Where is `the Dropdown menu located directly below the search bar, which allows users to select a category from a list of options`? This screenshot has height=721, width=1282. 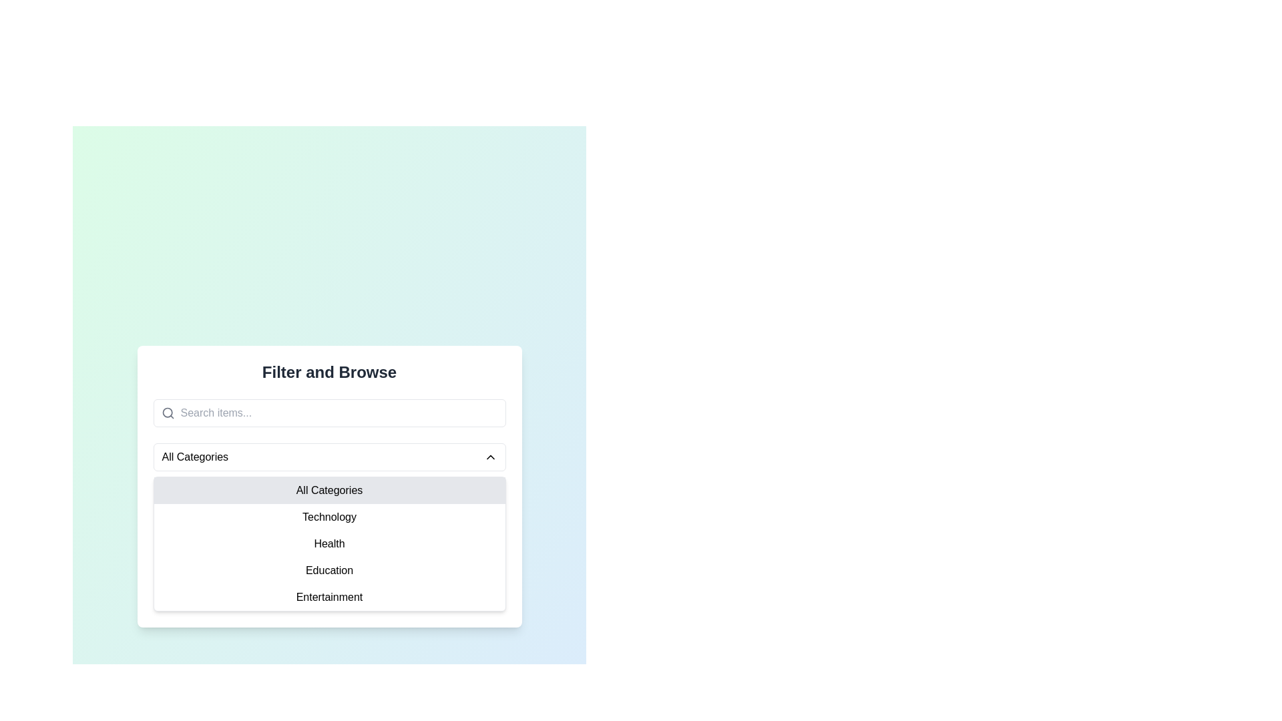
the Dropdown menu located directly below the search bar, which allows users to select a category from a list of options is located at coordinates (329, 457).